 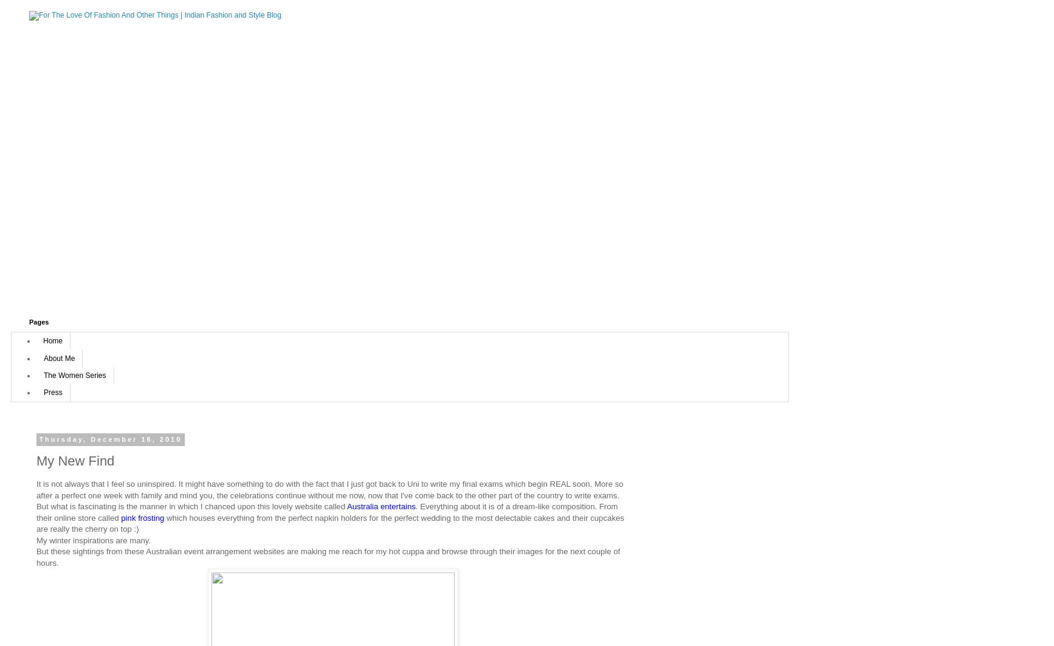 I want to click on 'pink frosting', so click(x=142, y=517).